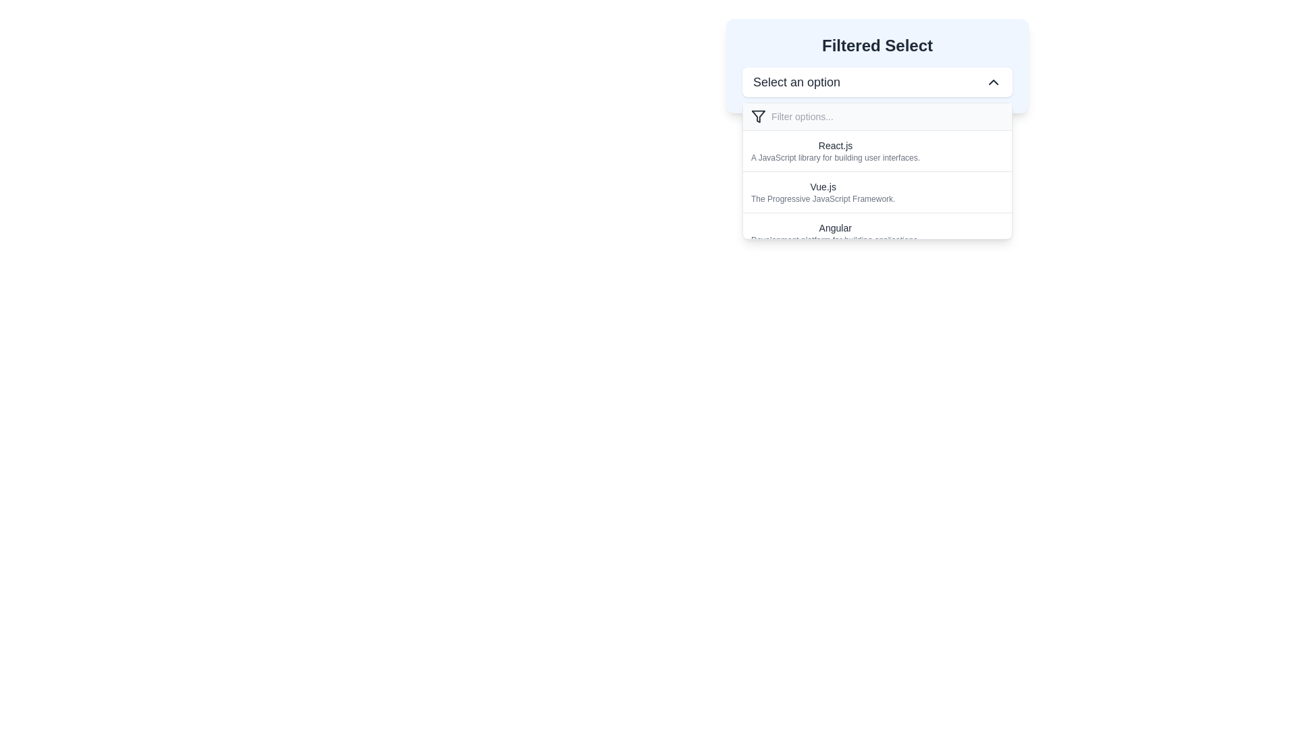 The image size is (1297, 729). What do you see at coordinates (822, 198) in the screenshot?
I see `the text element displaying 'The Progressive JavaScript Framework.' located beneath the 'Vue.js' text in the dropdown menu` at bounding box center [822, 198].